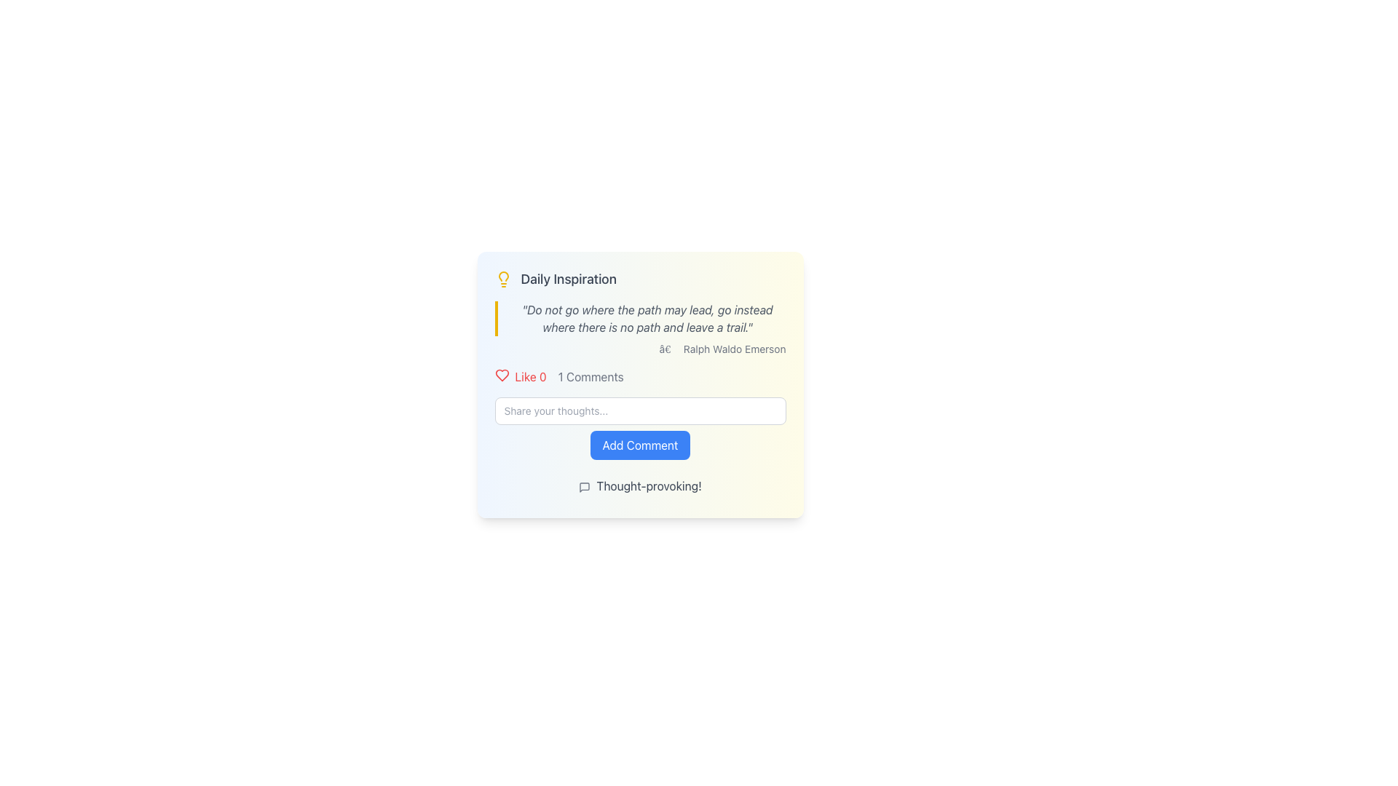 Image resolution: width=1398 pixels, height=786 pixels. What do you see at coordinates (591, 376) in the screenshot?
I see `the Interactive Text Label displaying '1 Comments' located to the right of the 'Like 0' text in the footer of a card layout` at bounding box center [591, 376].